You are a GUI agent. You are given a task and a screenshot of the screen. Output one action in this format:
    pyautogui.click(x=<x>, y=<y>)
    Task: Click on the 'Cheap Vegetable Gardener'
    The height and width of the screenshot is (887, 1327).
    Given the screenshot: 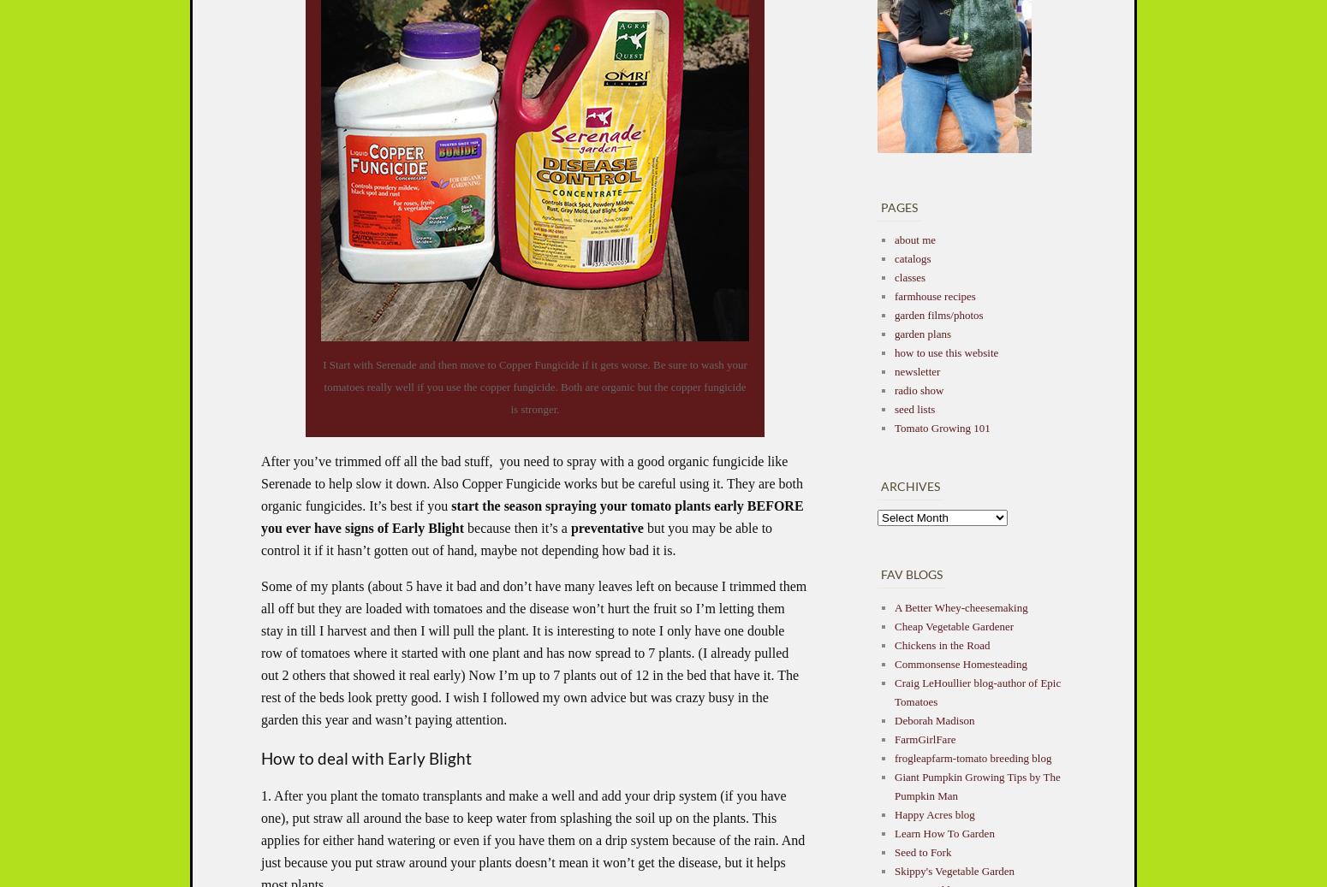 What is the action you would take?
    pyautogui.click(x=953, y=625)
    